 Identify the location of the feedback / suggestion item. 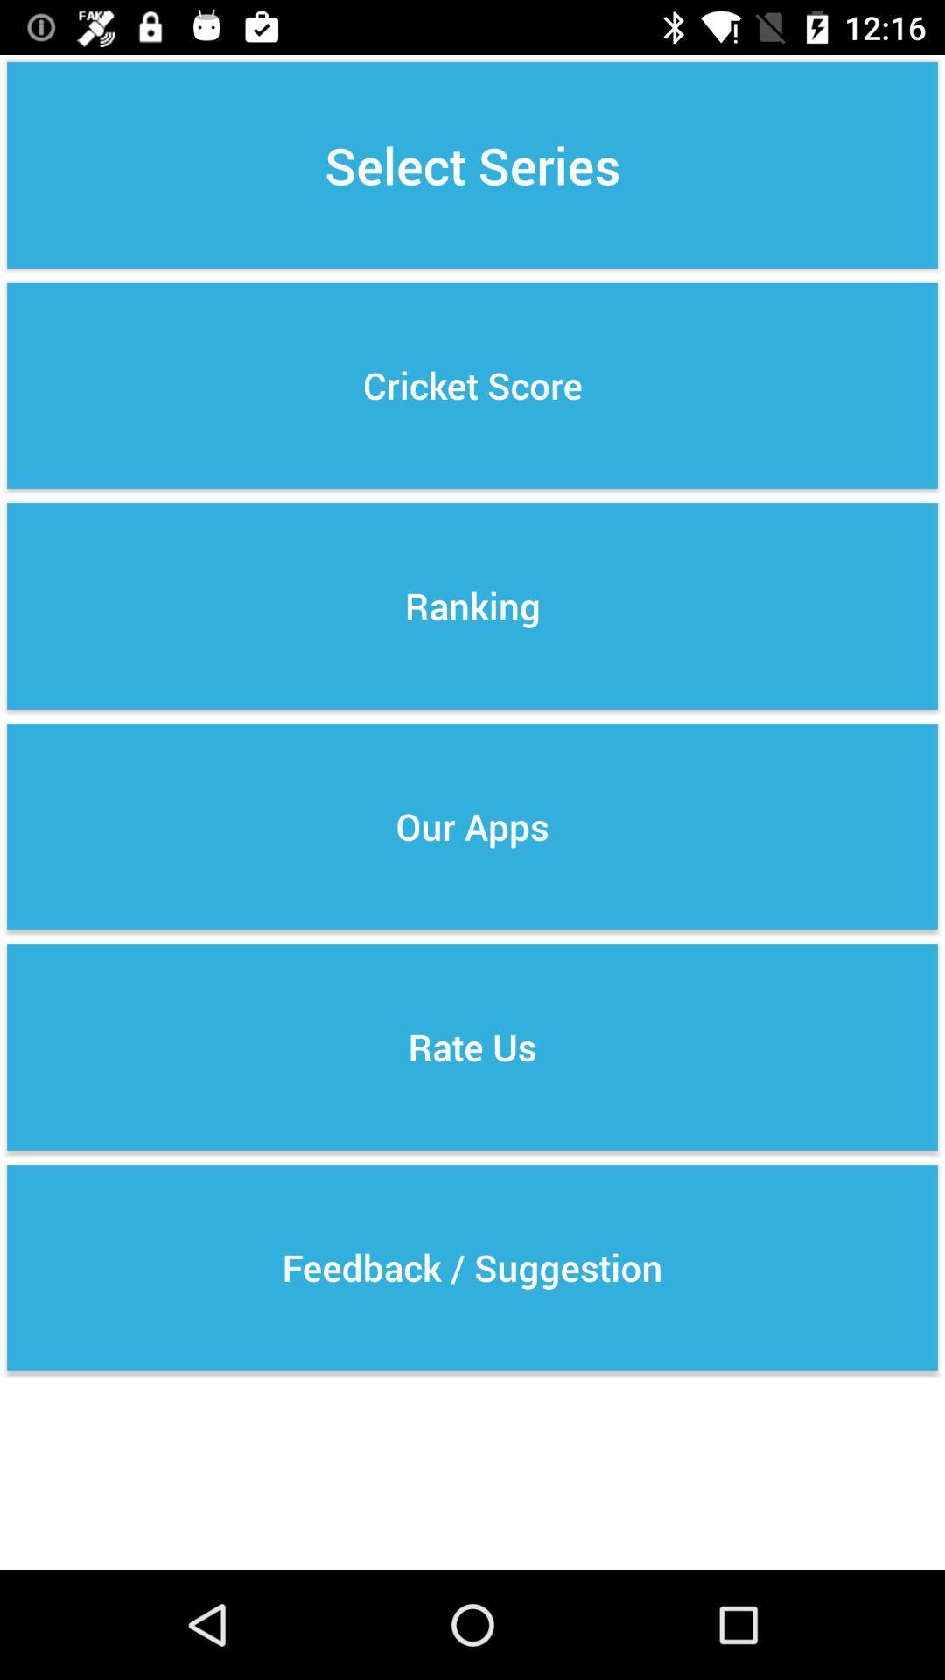
(472, 1268).